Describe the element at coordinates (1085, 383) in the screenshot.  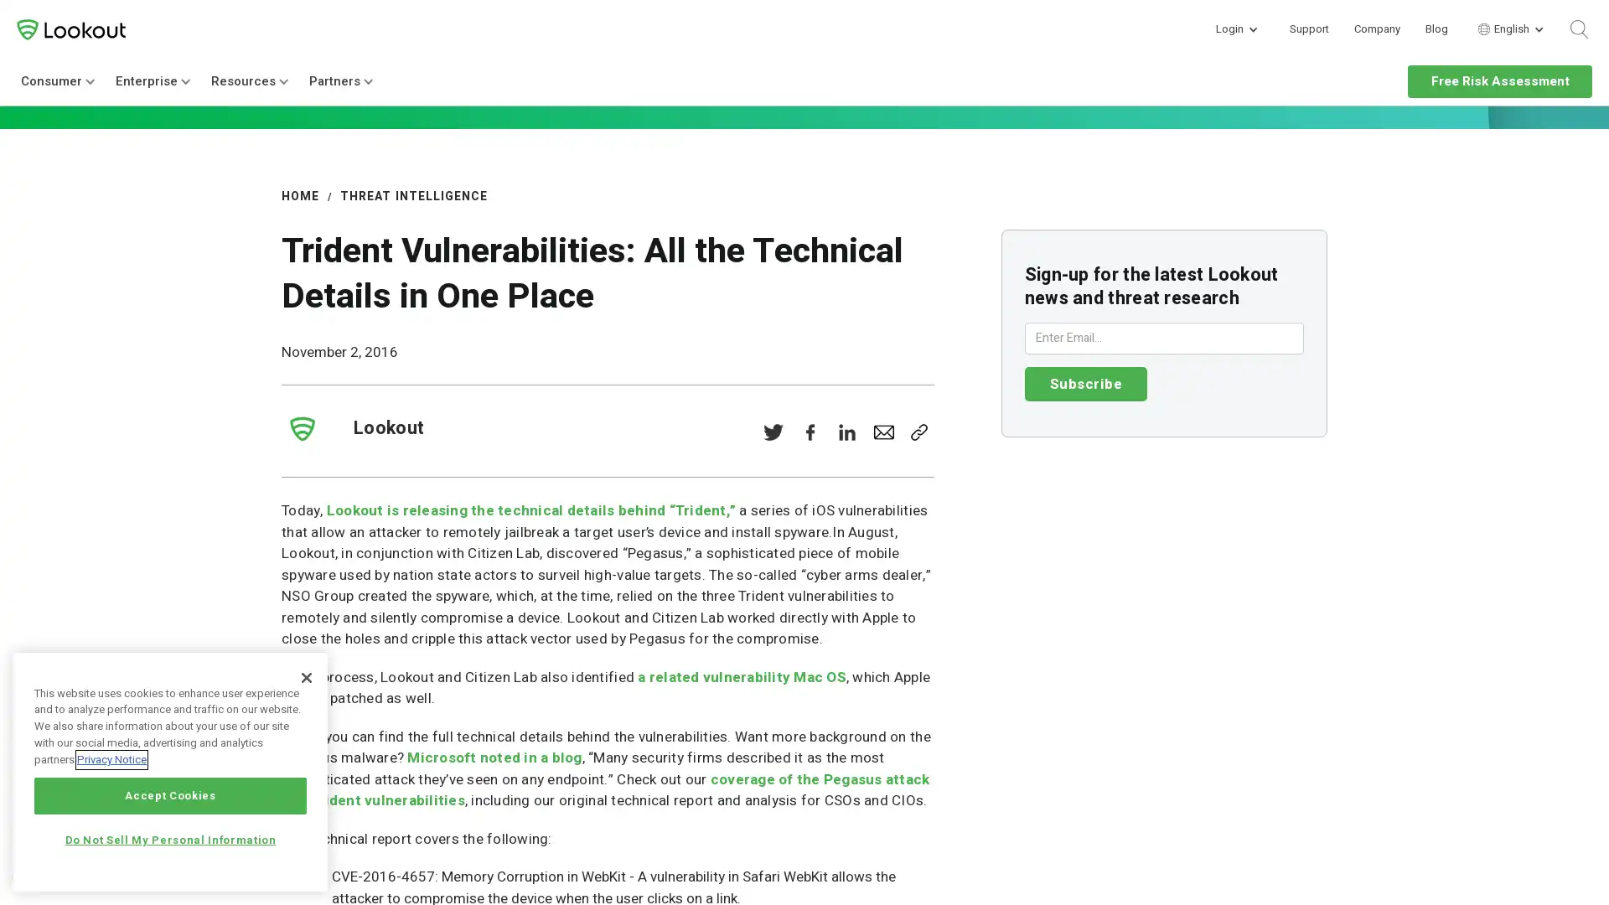
I see `Subscribe` at that location.